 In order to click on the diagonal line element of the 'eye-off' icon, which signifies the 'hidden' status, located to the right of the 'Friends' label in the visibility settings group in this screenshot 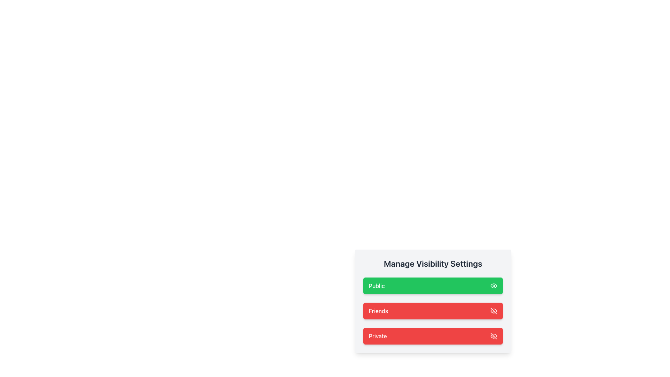, I will do `click(493, 336)`.